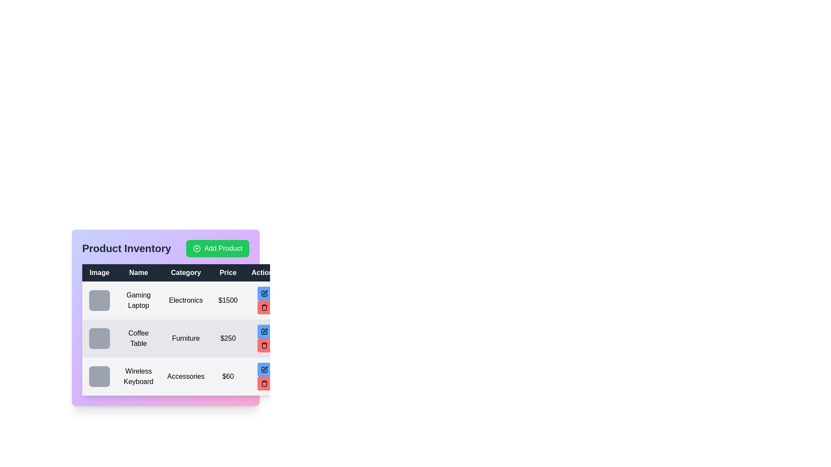  What do you see at coordinates (228, 338) in the screenshot?
I see `the text displaying the price '$250' located in the 'Price' column under the row for 'Coffee Table Furniture'` at bounding box center [228, 338].